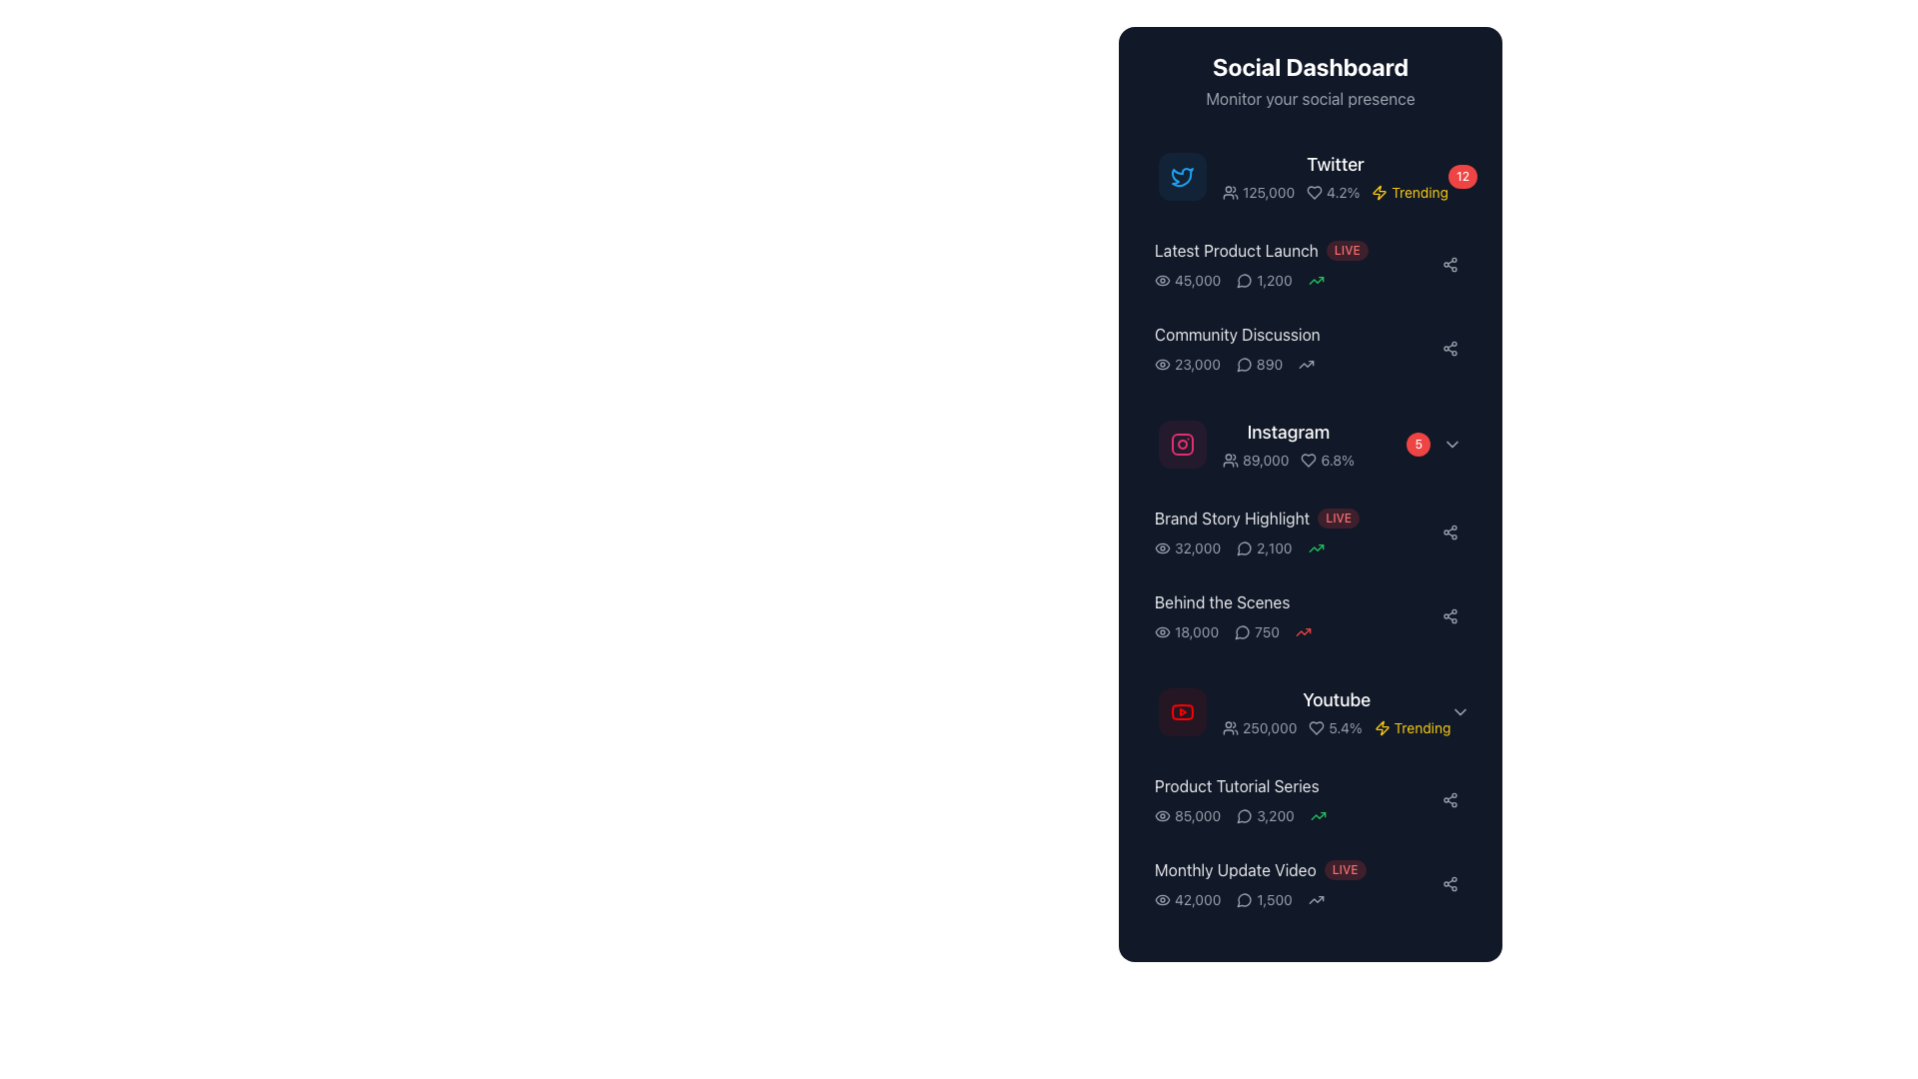 The height and width of the screenshot is (1079, 1918). I want to click on the 'Youtube' text or any interactive sub-elements within the Composite display card that shows metrics such as '250,000', '5.4%', or 'Trending', so click(1337, 711).